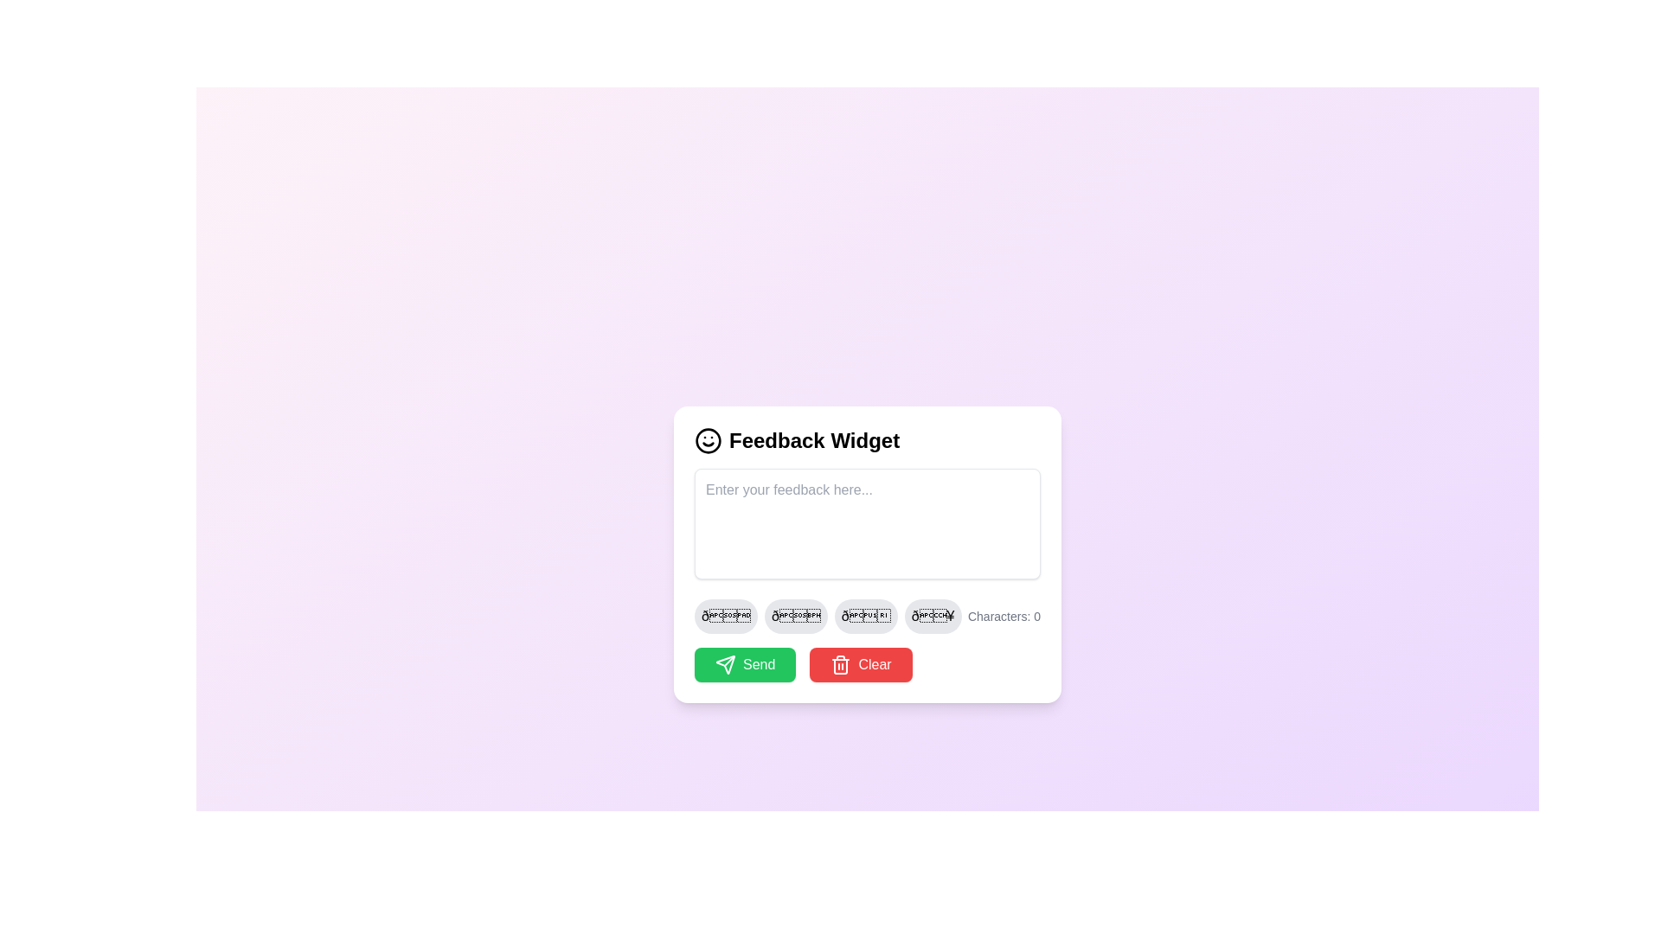 The image size is (1661, 934). Describe the element at coordinates (841, 663) in the screenshot. I see `the trash can icon button located on the right side of the 'Clear' button in the bottom-right area of the 'Feedback Widget' dialogue box` at that location.